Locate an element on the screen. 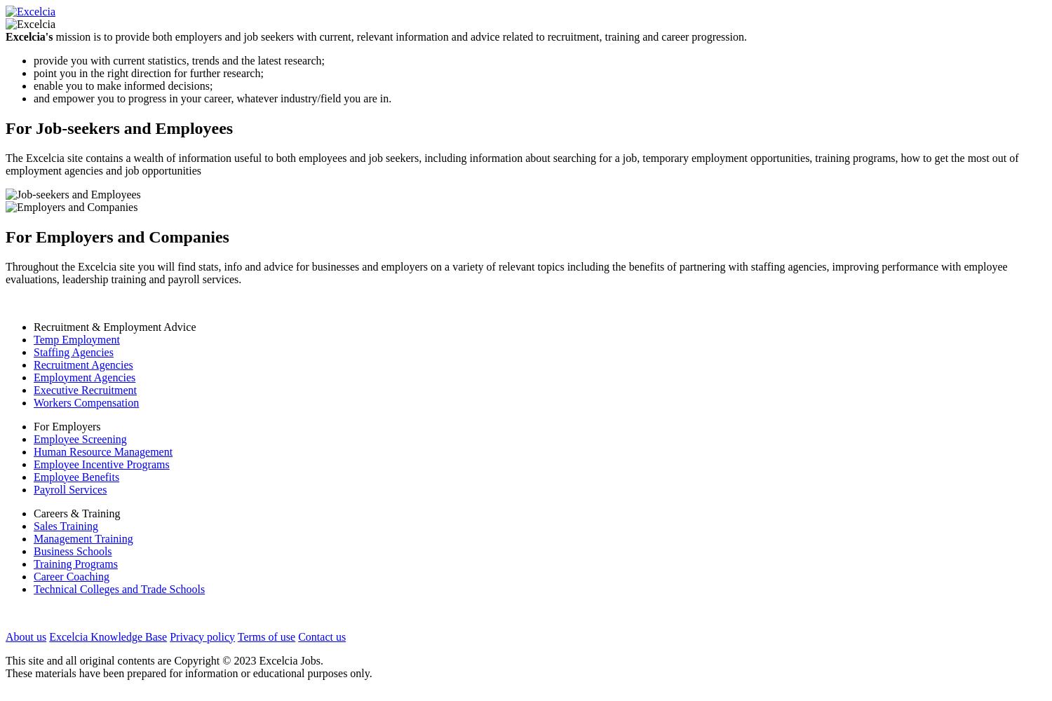 Image resolution: width=1052 pixels, height=701 pixels. 'Excelcia Knowledge Base' is located at coordinates (108, 636).